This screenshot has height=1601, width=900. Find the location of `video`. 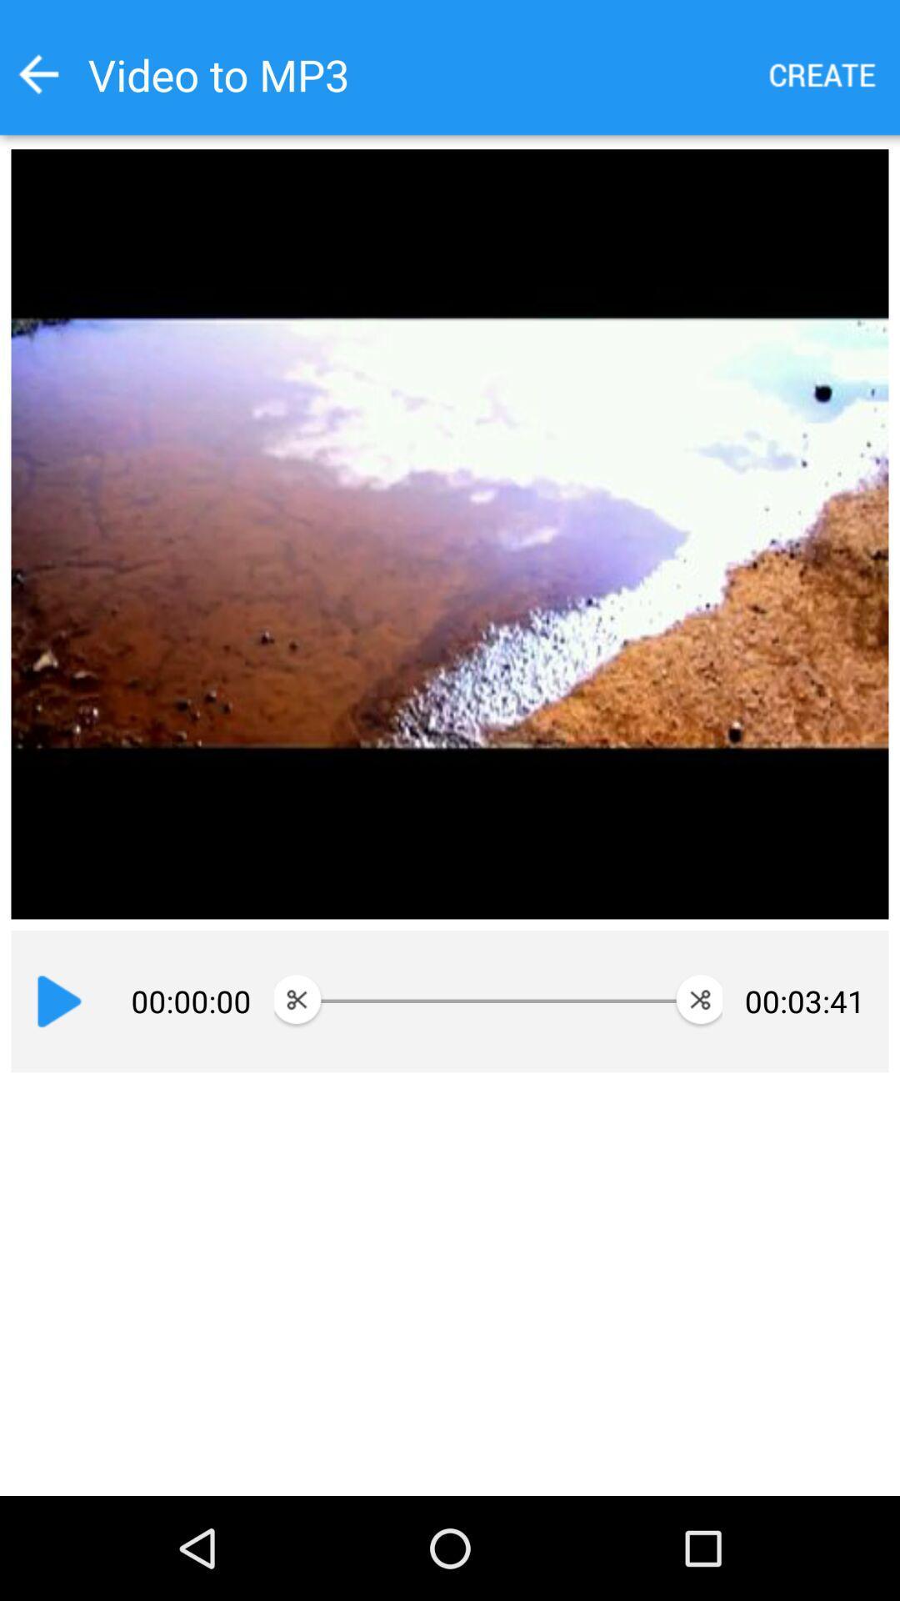

video is located at coordinates (58, 1001).